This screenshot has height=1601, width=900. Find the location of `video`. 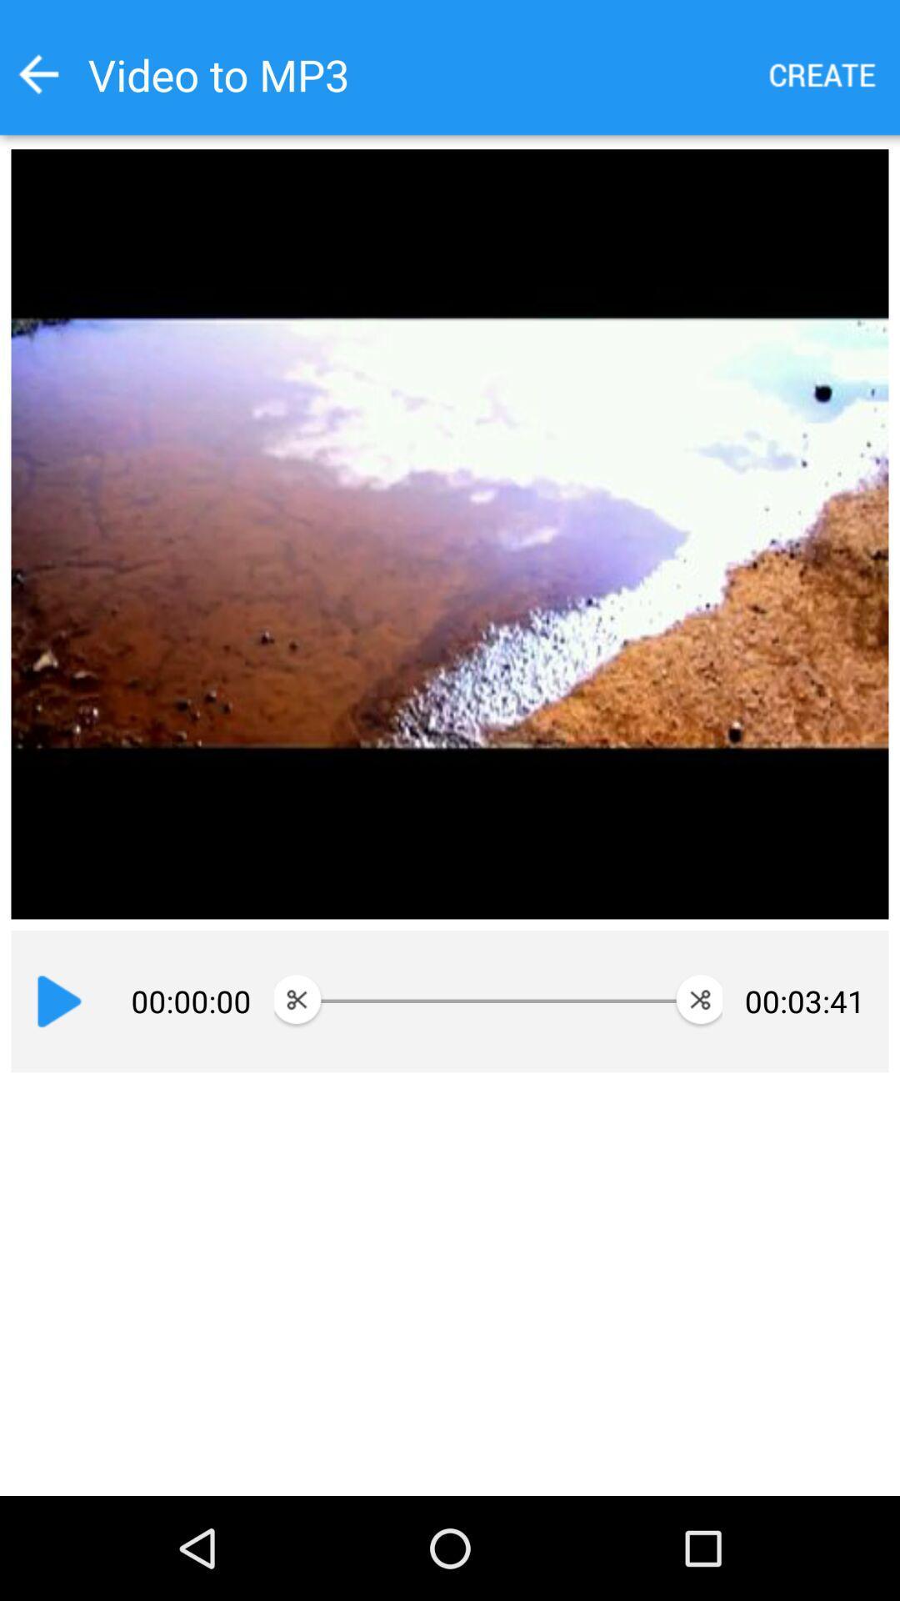

video is located at coordinates (58, 1001).